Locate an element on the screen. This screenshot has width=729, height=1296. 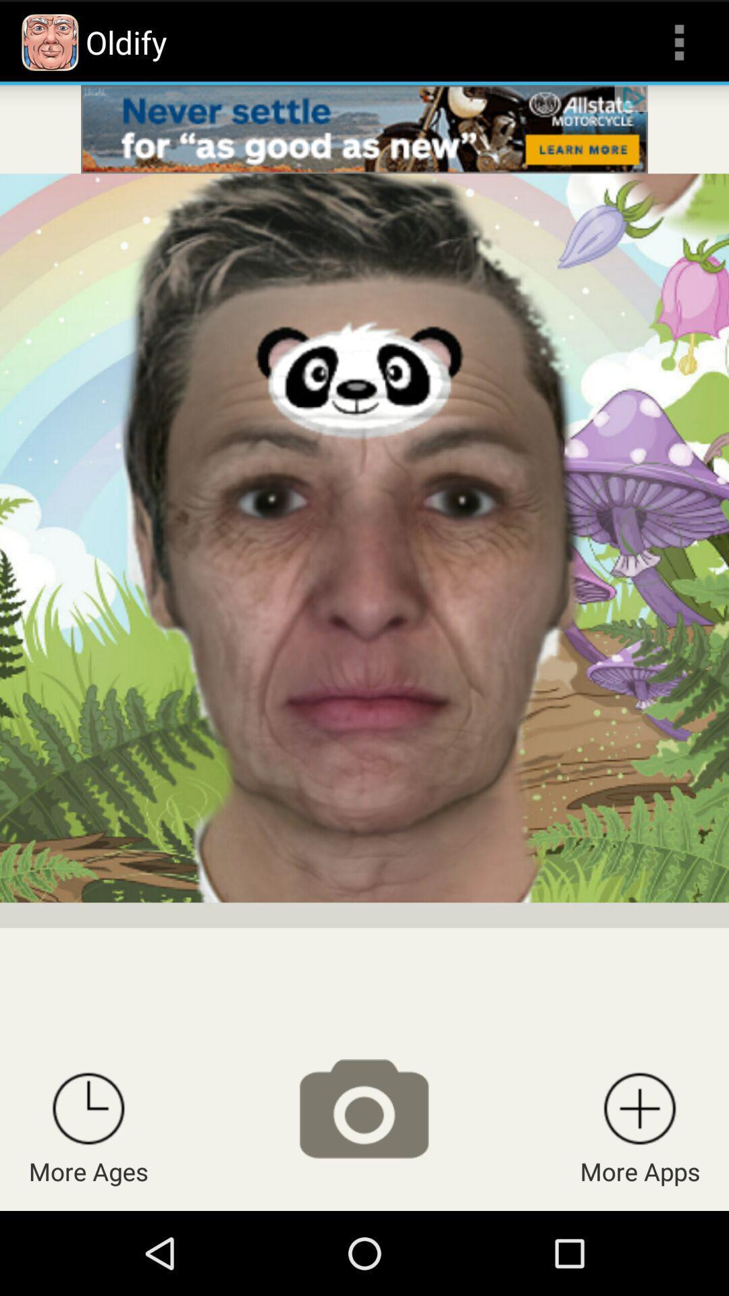
see more apps is located at coordinates (639, 1108).